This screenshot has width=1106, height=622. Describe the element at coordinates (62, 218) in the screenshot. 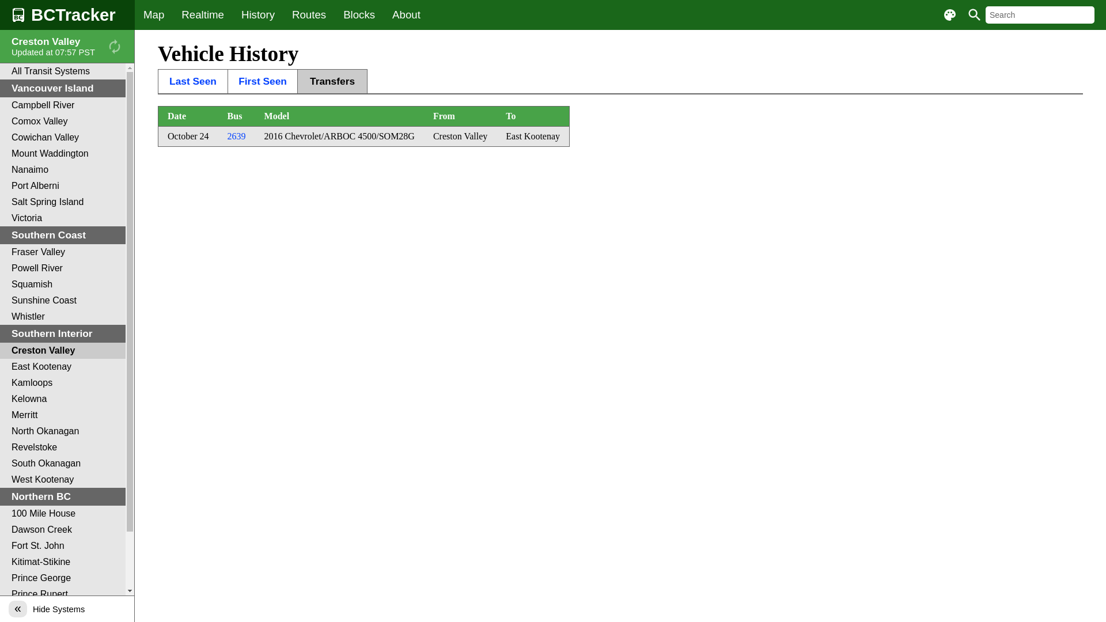

I see `'Victoria'` at that location.